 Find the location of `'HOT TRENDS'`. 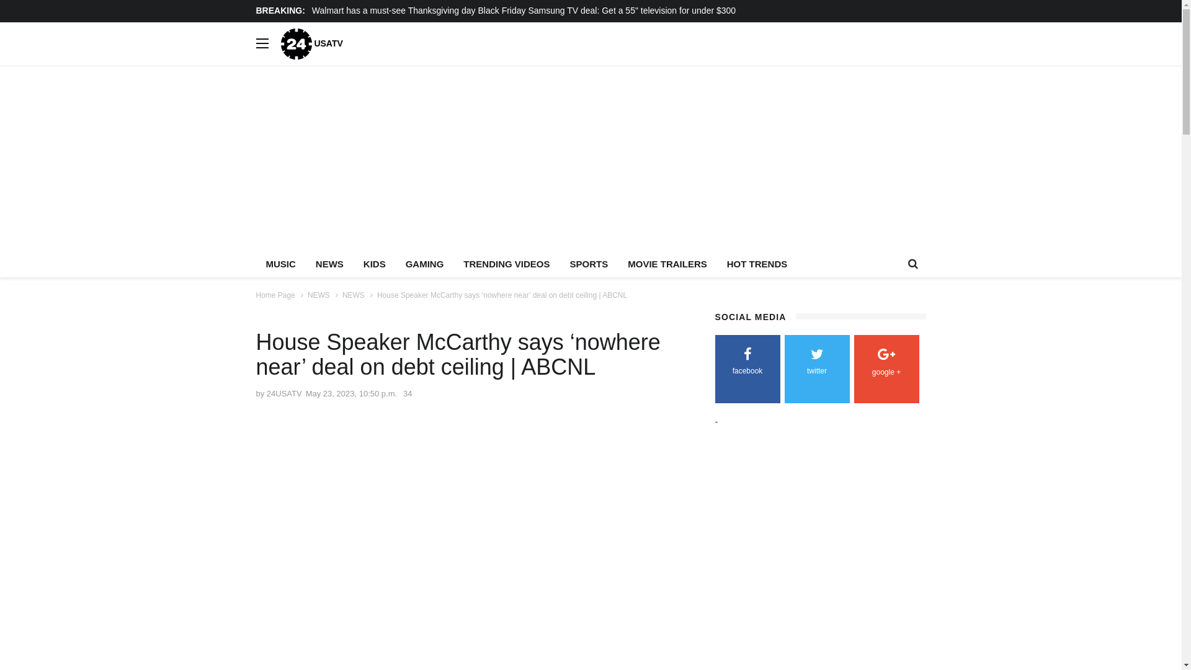

'HOT TRENDS' is located at coordinates (756, 263).